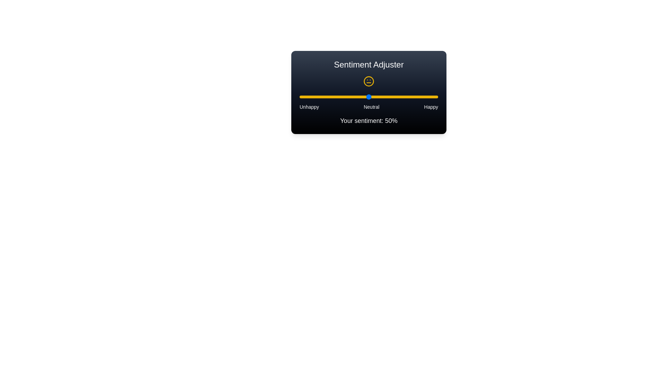  I want to click on the slider to set the sentiment value to 46, so click(363, 97).